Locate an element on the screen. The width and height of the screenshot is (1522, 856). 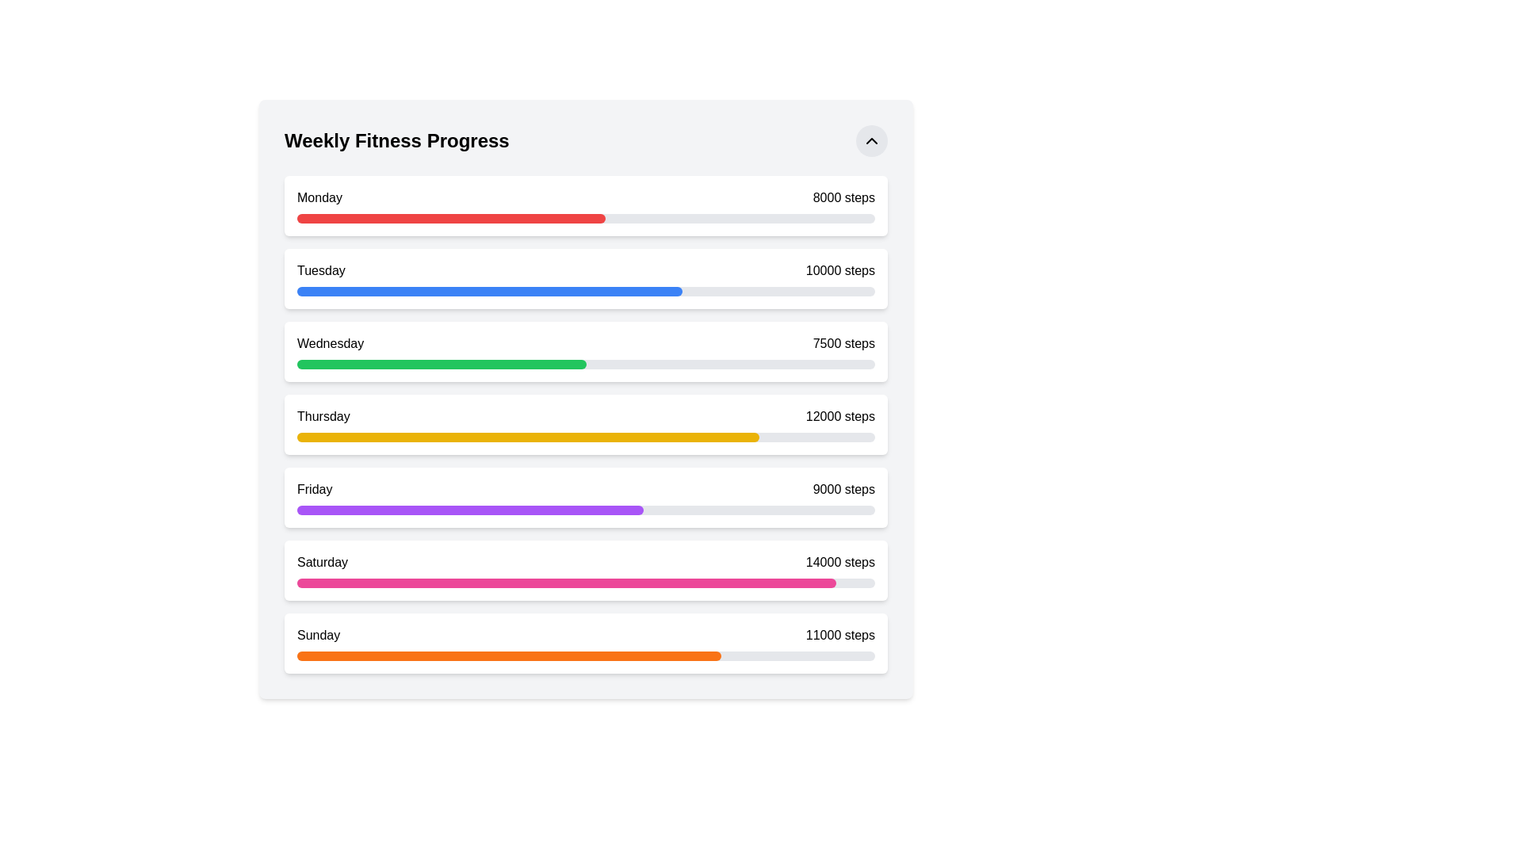
the horizontal progress bar that is yellow-filled and located below the text 'Thursday' and '12000 steps' within the card labeled 'Thursday - 12000 steps' is located at coordinates (585, 434).